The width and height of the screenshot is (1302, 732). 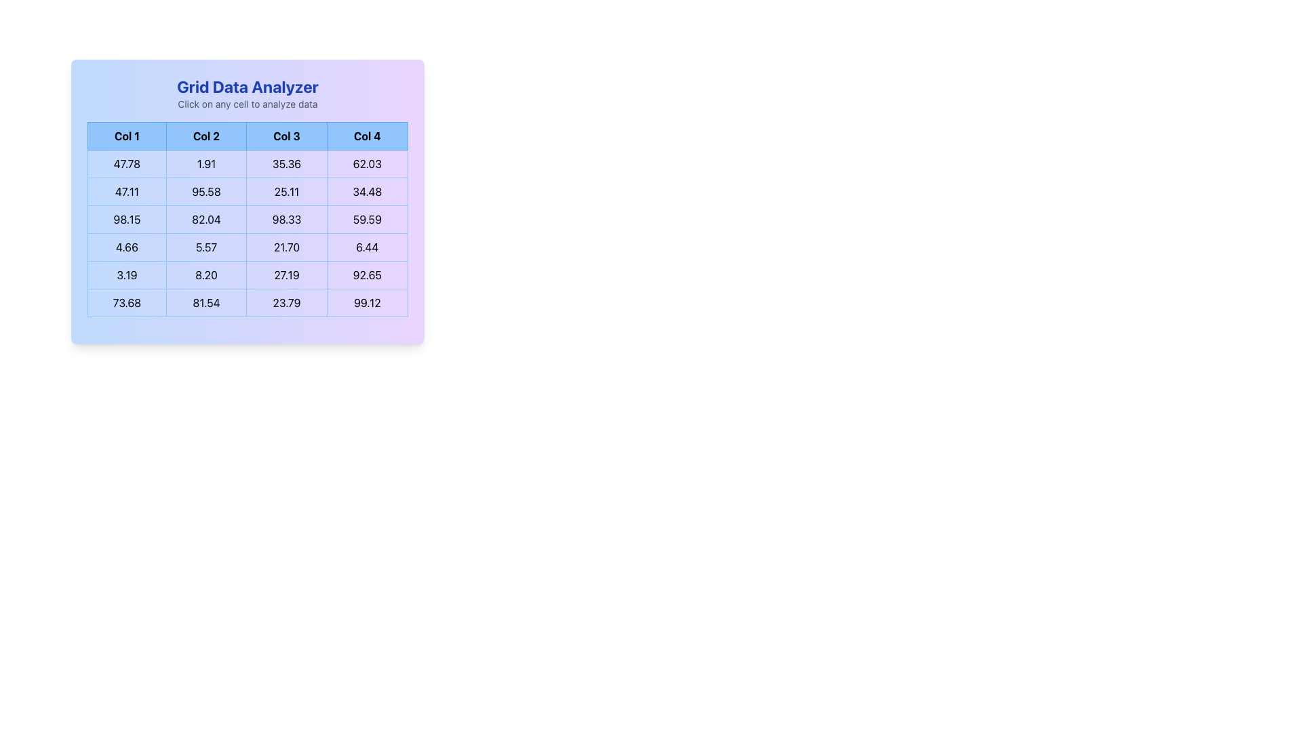 I want to click on the fourth row of the Grid Data Analyzer table, which contains the numerical values '4.66', '5.57', '21.70', and '6.44', so click(x=248, y=247).